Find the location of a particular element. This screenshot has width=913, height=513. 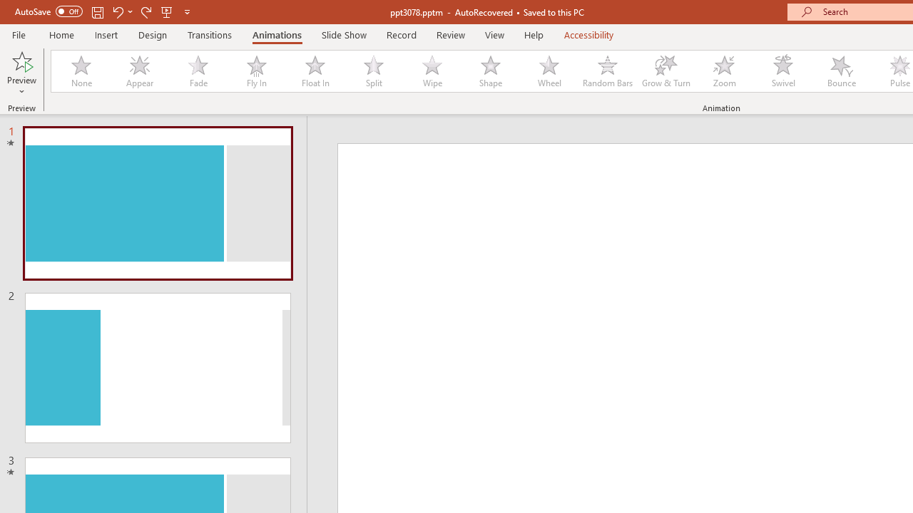

'Preview' is located at coordinates (21, 73).